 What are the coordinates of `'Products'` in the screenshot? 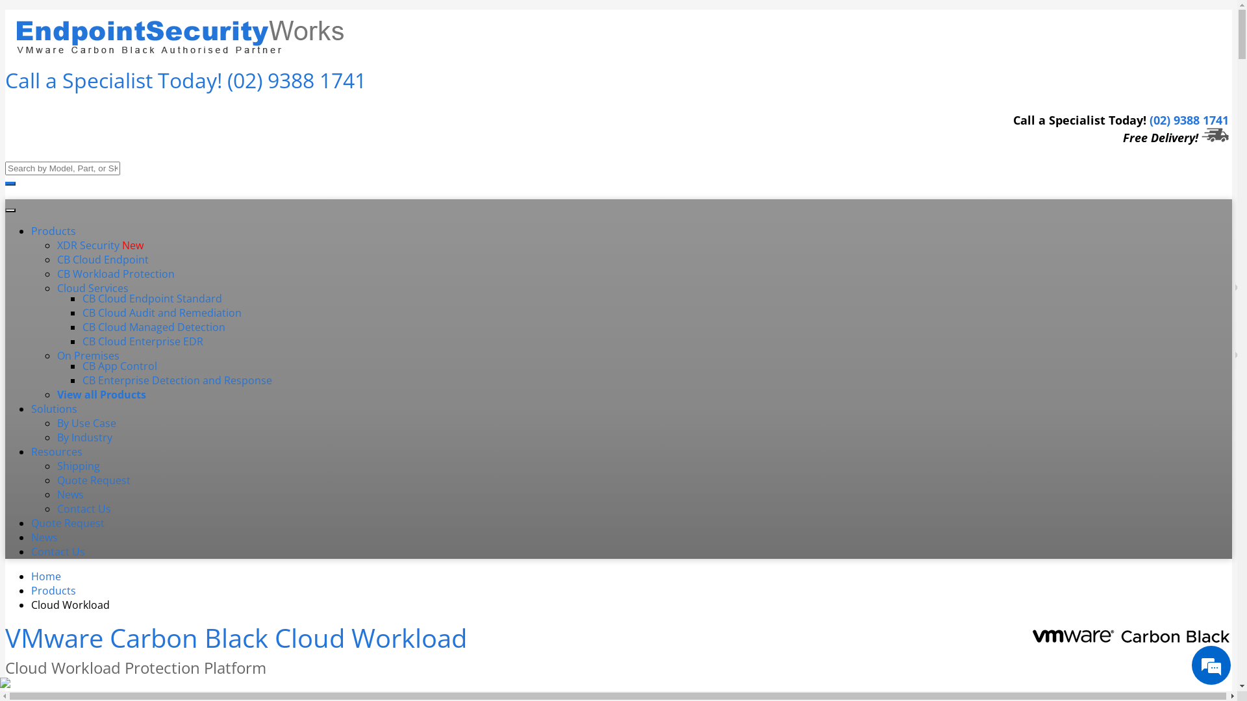 It's located at (53, 230).